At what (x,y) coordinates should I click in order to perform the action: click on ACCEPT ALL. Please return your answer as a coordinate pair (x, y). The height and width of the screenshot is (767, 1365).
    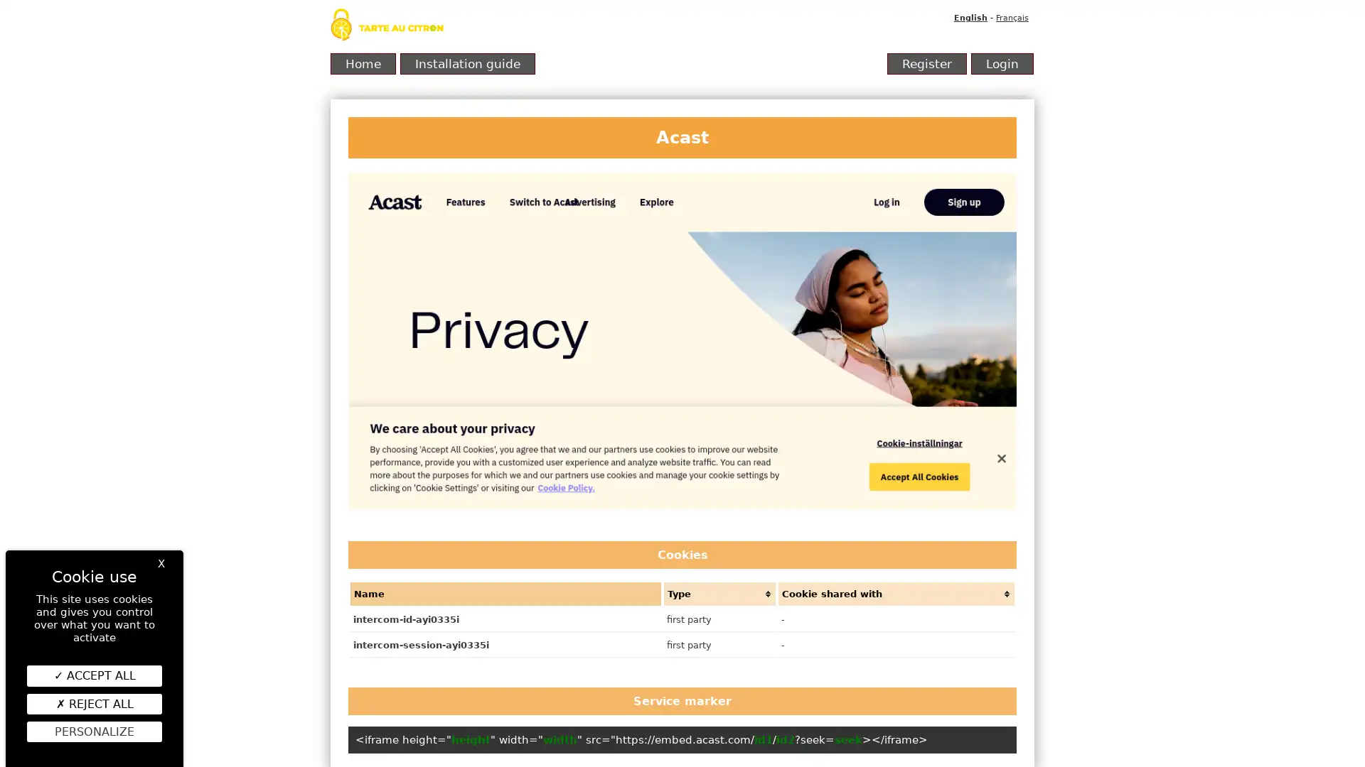
    Looking at the image, I should click on (94, 675).